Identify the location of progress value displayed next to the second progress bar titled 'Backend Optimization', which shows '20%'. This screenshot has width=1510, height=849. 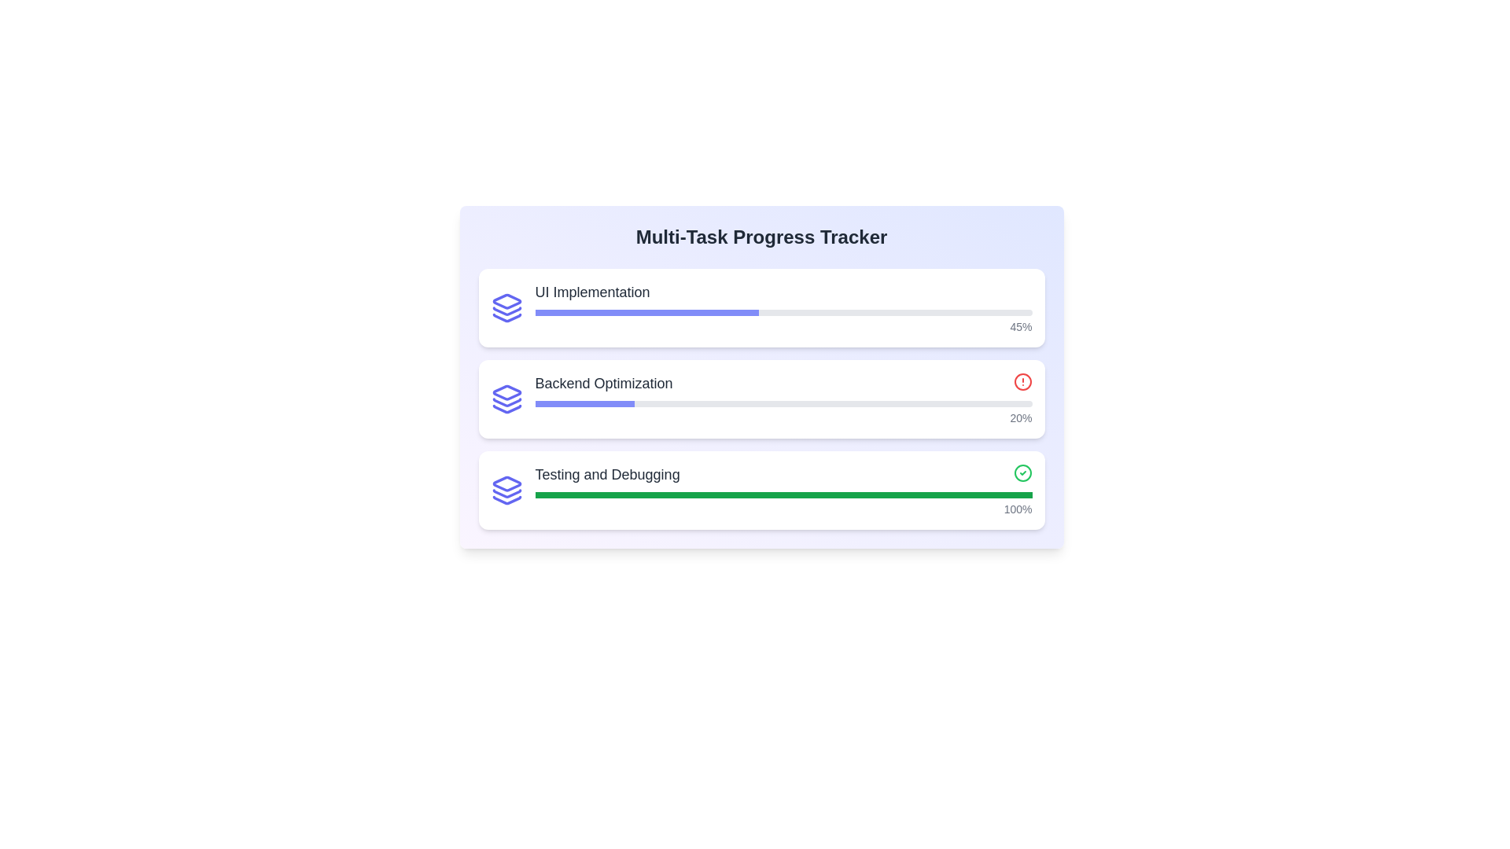
(783, 412).